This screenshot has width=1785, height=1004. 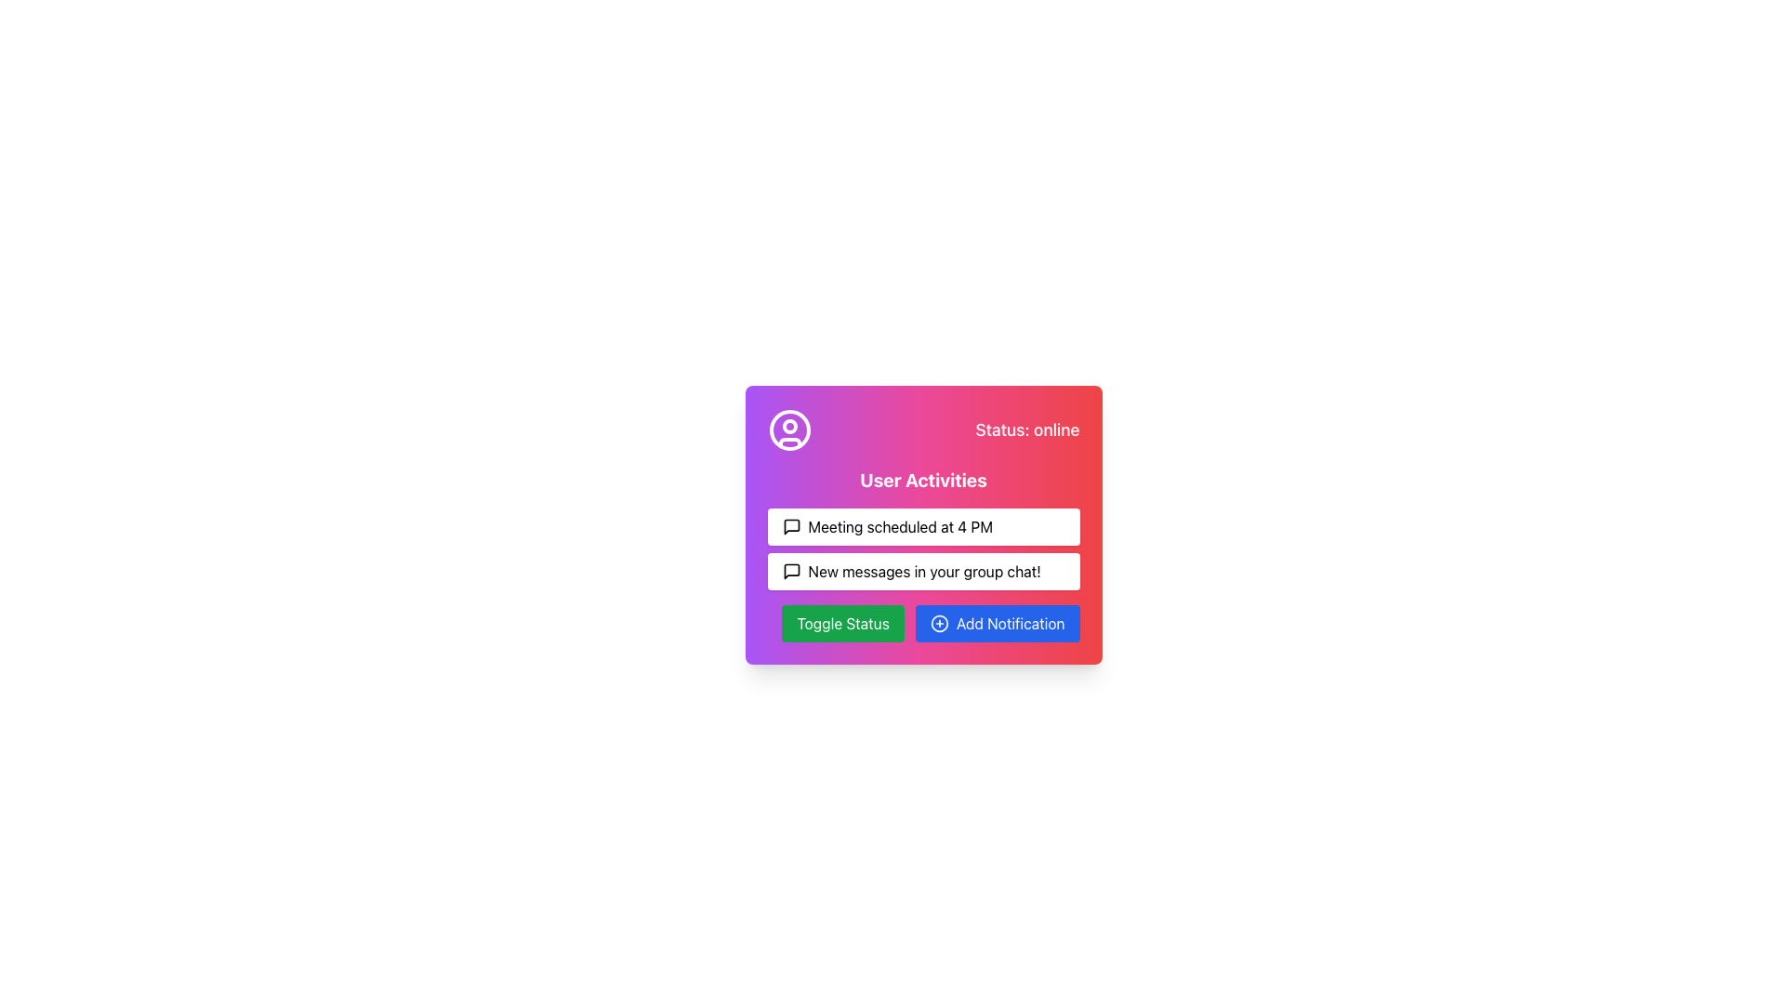 I want to click on the Text element that notifies the user about new messages in the group chat, located centrally towards the bottom half of the user interface, specifically the second item in the list of user activity notifications, so click(x=924, y=570).